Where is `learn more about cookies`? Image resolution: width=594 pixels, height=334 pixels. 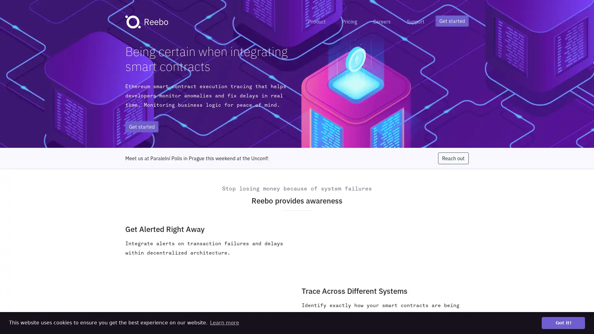 learn more about cookies is located at coordinates (224, 323).